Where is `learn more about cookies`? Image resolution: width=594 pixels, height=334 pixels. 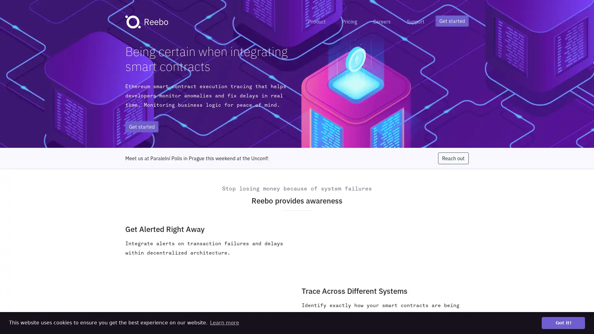 learn more about cookies is located at coordinates (224, 323).